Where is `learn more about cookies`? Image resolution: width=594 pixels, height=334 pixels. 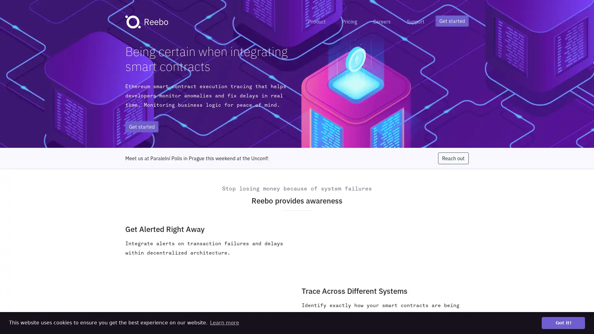 learn more about cookies is located at coordinates (224, 323).